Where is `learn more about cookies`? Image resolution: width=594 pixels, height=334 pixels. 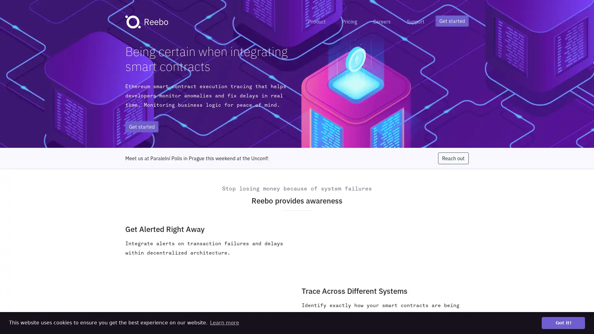 learn more about cookies is located at coordinates (224, 323).